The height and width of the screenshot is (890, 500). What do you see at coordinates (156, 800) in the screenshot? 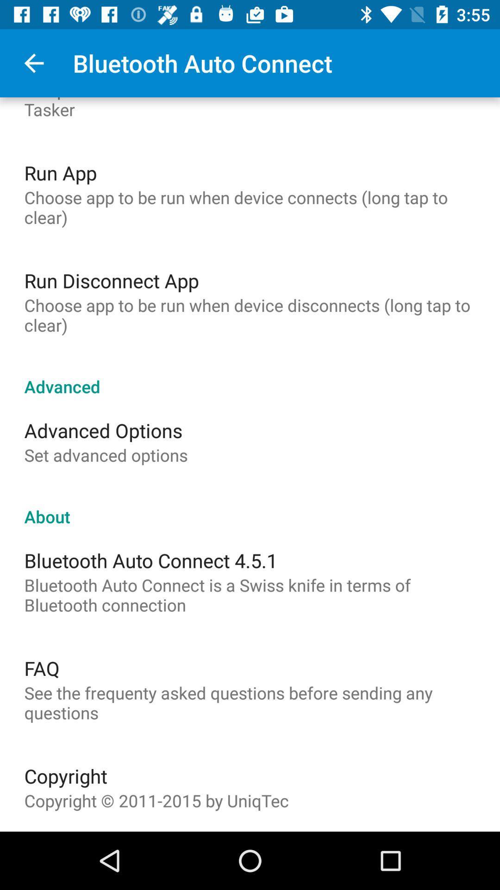
I see `icon below copyright icon` at bounding box center [156, 800].